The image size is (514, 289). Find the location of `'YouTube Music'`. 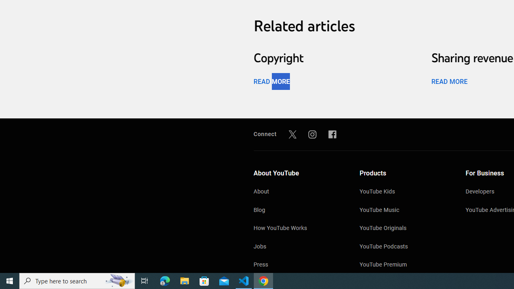

'YouTube Music' is located at coordinates (404, 210).